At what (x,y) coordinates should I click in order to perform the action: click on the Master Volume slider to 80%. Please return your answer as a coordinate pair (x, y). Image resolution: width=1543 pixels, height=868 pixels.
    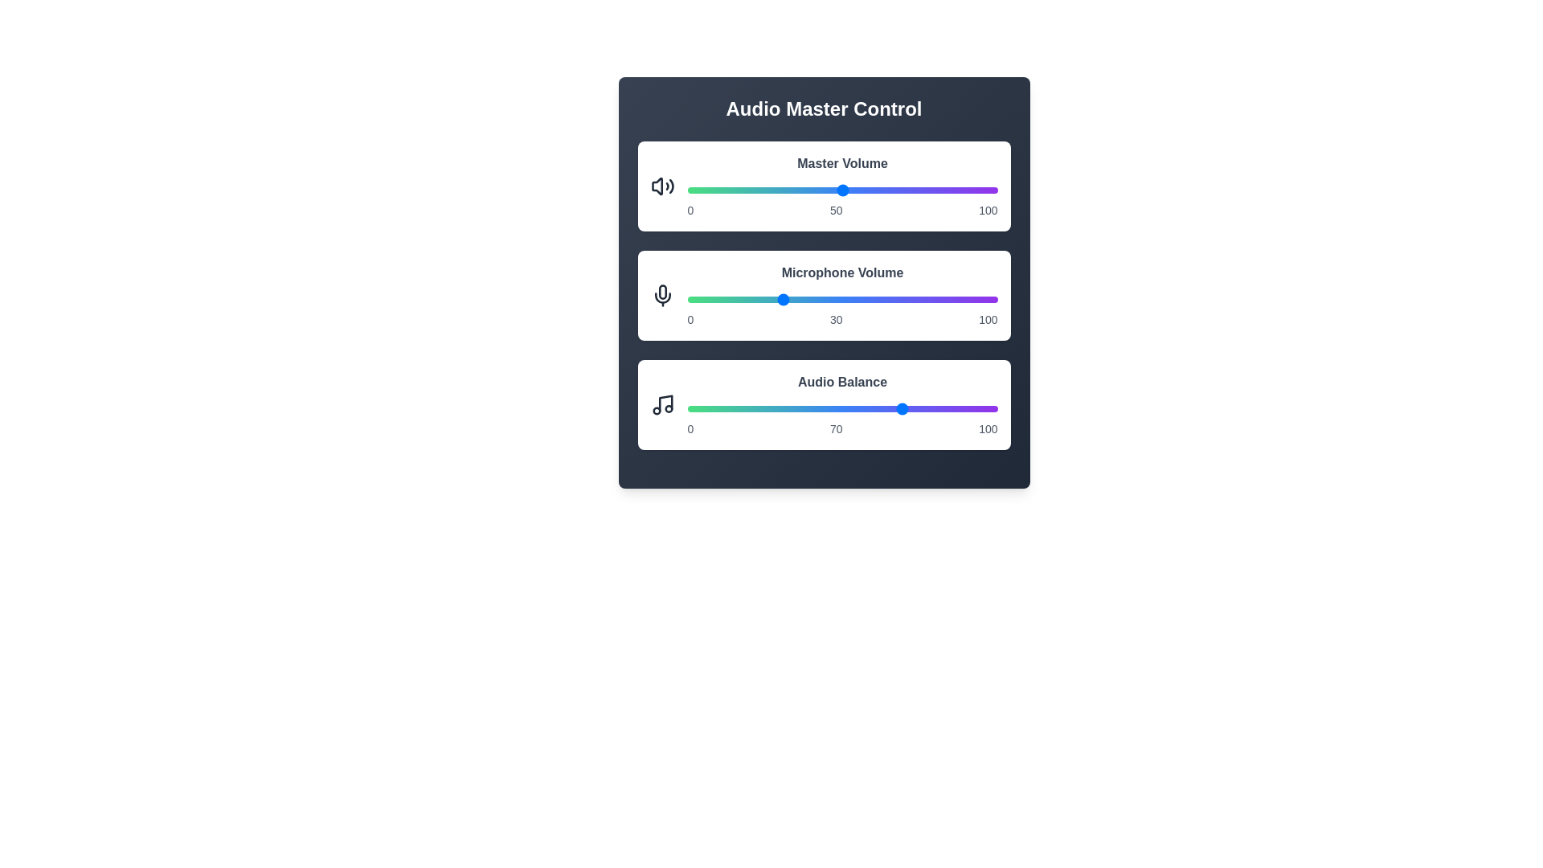
    Looking at the image, I should click on (935, 189).